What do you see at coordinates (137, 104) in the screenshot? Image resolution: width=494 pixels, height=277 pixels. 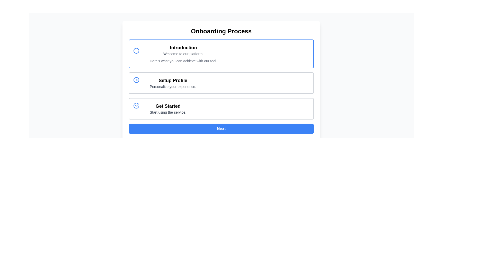 I see `the checkmark icon within a circle located in the third section labeled 'Get Started' in the interface` at bounding box center [137, 104].